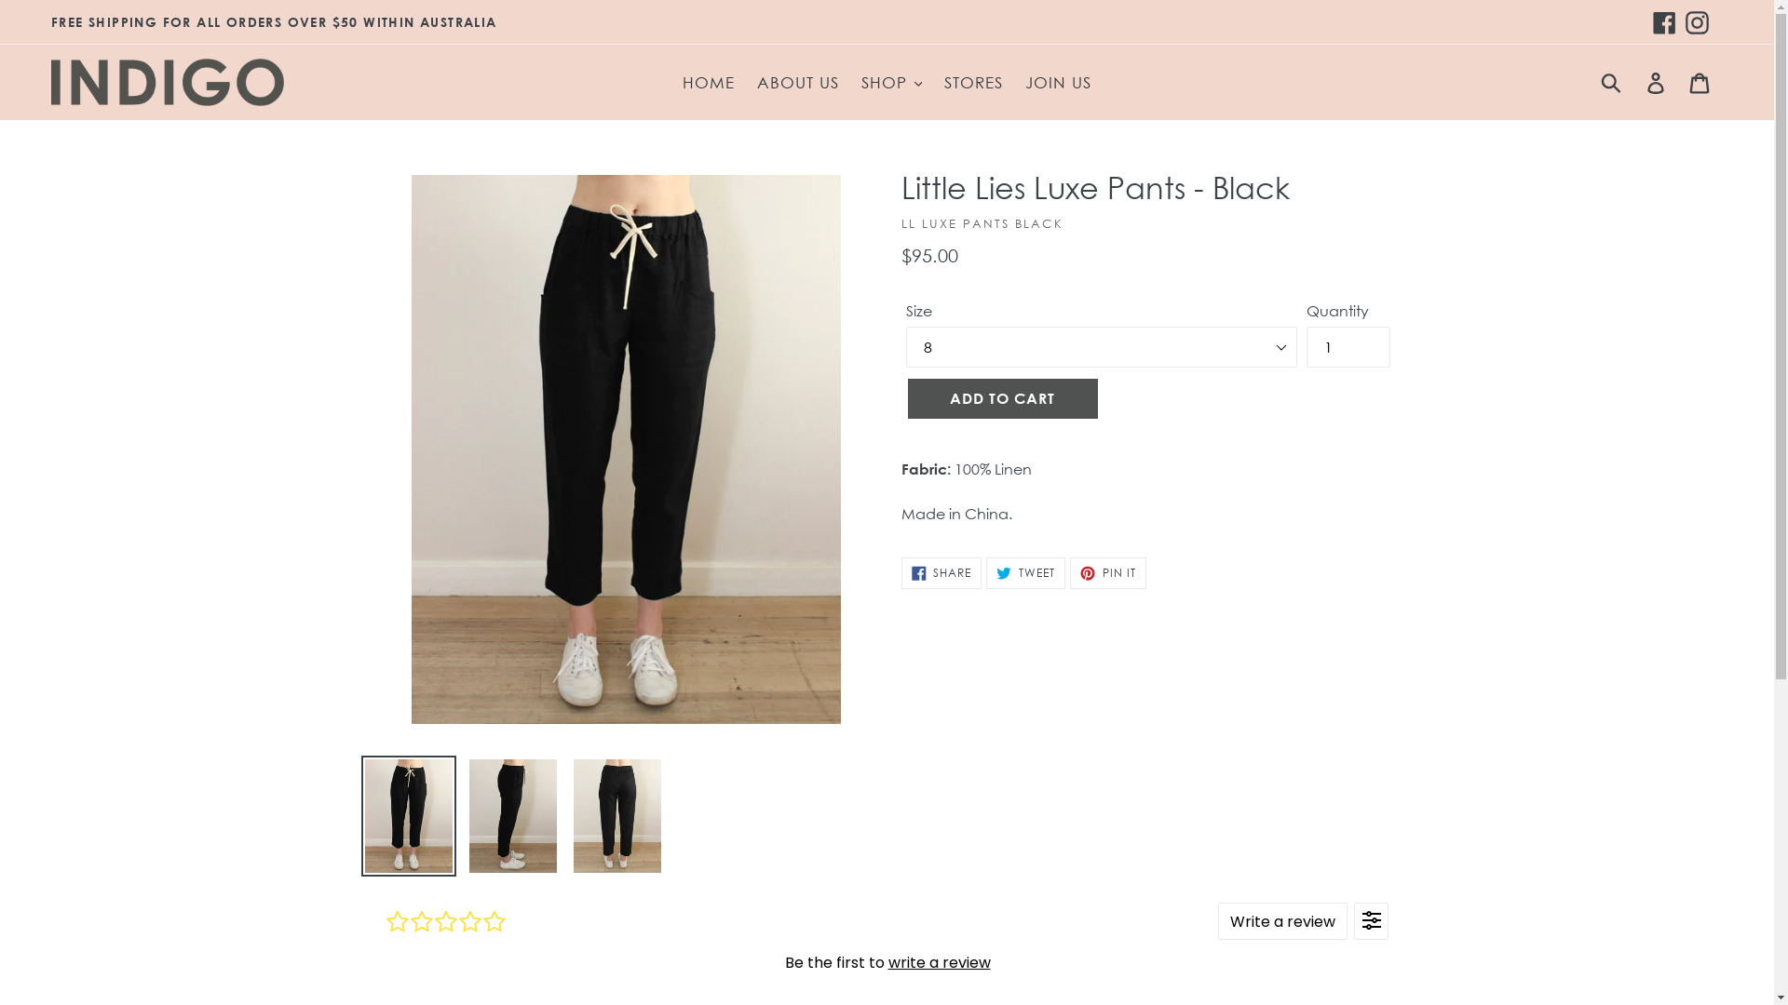 The width and height of the screenshot is (1788, 1005). I want to click on 'STORES', so click(934, 81).